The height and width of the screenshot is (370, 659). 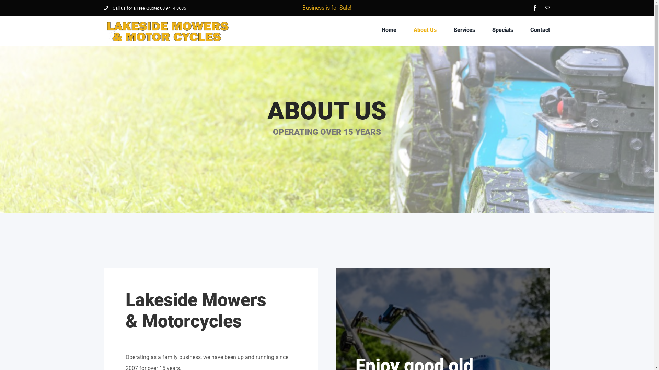 I want to click on 'Specials', so click(x=502, y=30).